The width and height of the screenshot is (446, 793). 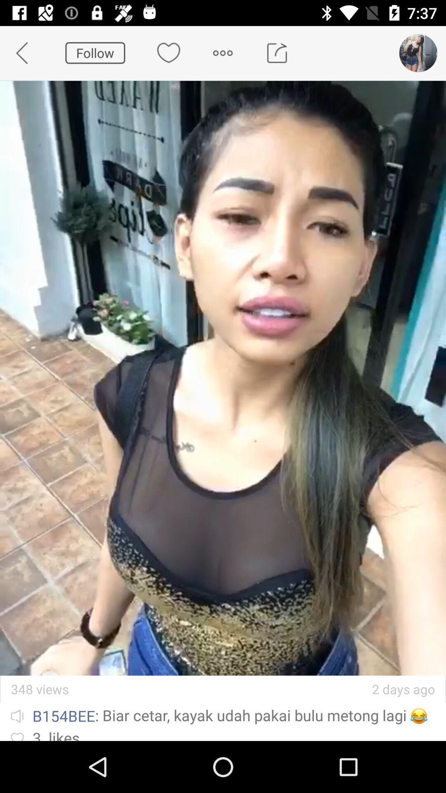 What do you see at coordinates (223, 715) in the screenshot?
I see `ib154bee biar cetar item` at bounding box center [223, 715].